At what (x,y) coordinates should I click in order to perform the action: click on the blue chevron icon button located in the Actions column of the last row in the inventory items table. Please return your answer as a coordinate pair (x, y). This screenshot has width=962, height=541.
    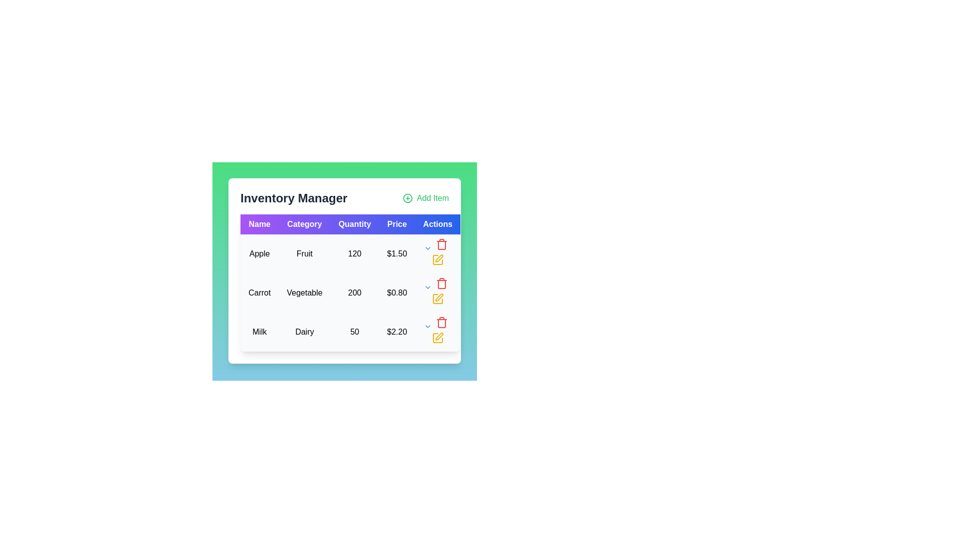
    Looking at the image, I should click on (427, 326).